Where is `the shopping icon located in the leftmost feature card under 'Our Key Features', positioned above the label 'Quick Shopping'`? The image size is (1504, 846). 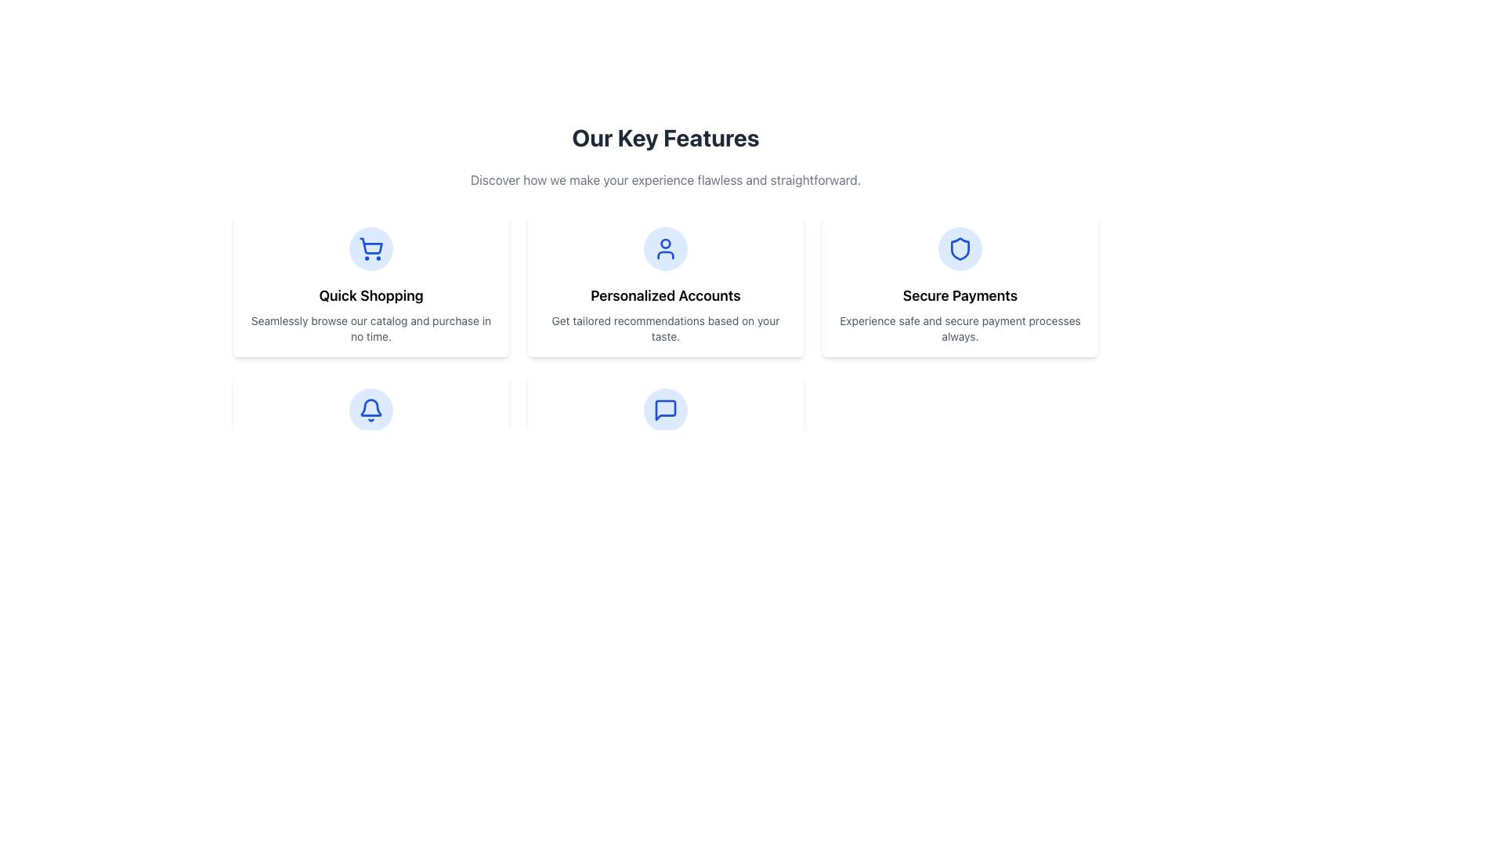 the shopping icon located in the leftmost feature card under 'Our Key Features', positioned above the label 'Quick Shopping' is located at coordinates (371, 248).